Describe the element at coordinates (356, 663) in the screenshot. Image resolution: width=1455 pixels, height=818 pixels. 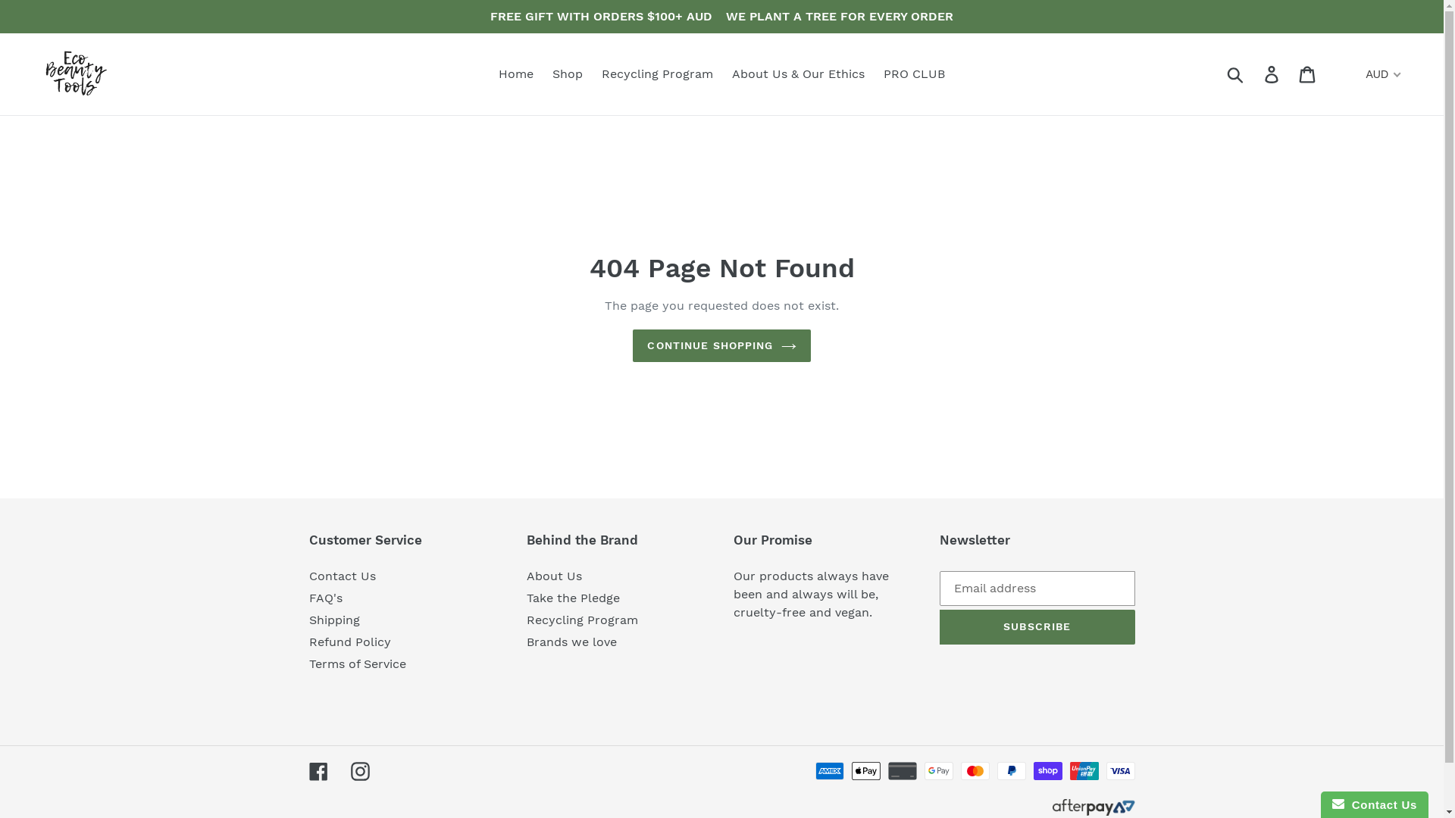
I see `'Terms of Service'` at that location.